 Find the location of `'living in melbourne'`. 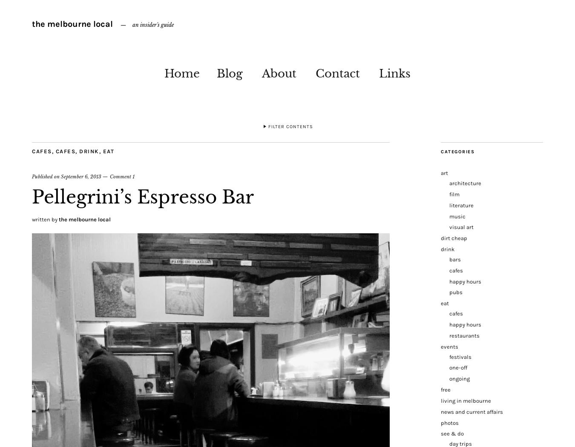

'living in melbourne' is located at coordinates (466, 400).